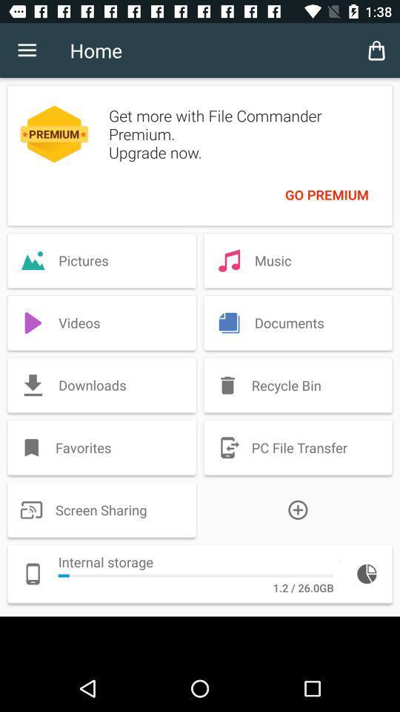 Image resolution: width=400 pixels, height=712 pixels. I want to click on the icon to the left of home, so click(27, 50).